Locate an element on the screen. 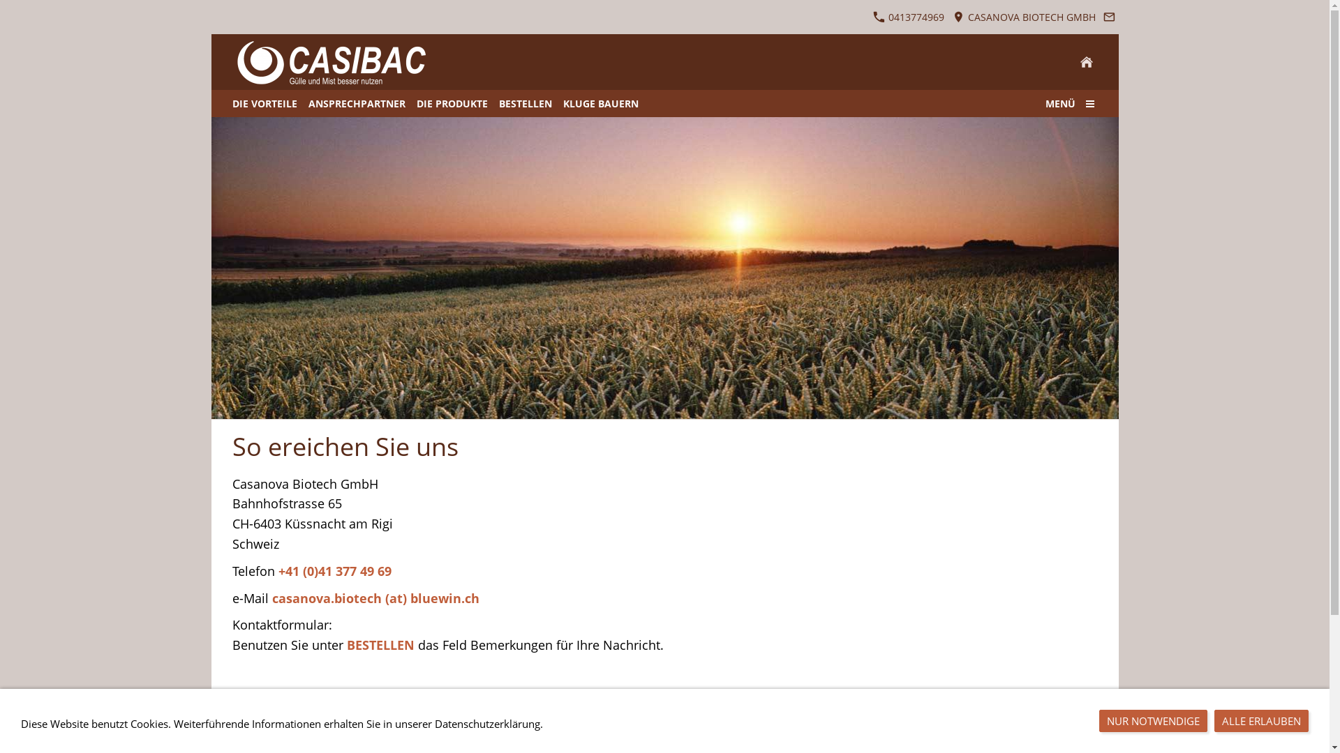  '+41 (0)41 377 49 69' is located at coordinates (334, 572).